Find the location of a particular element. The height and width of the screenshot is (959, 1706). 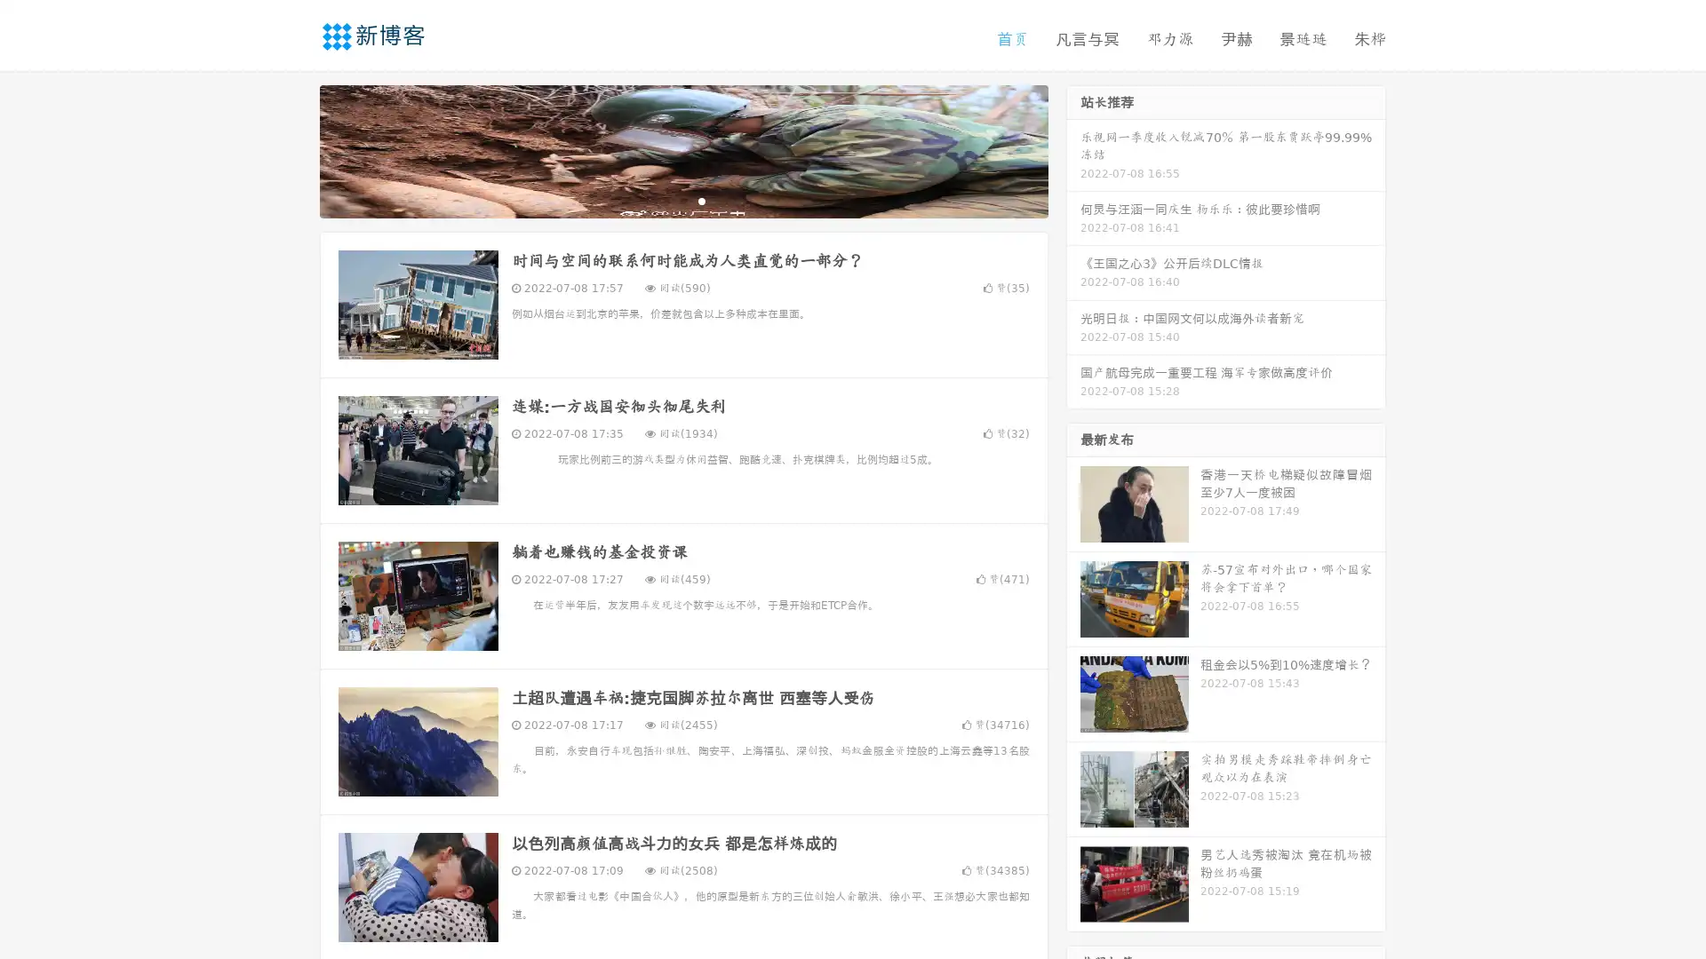

Go to slide 3 is located at coordinates (701, 200).